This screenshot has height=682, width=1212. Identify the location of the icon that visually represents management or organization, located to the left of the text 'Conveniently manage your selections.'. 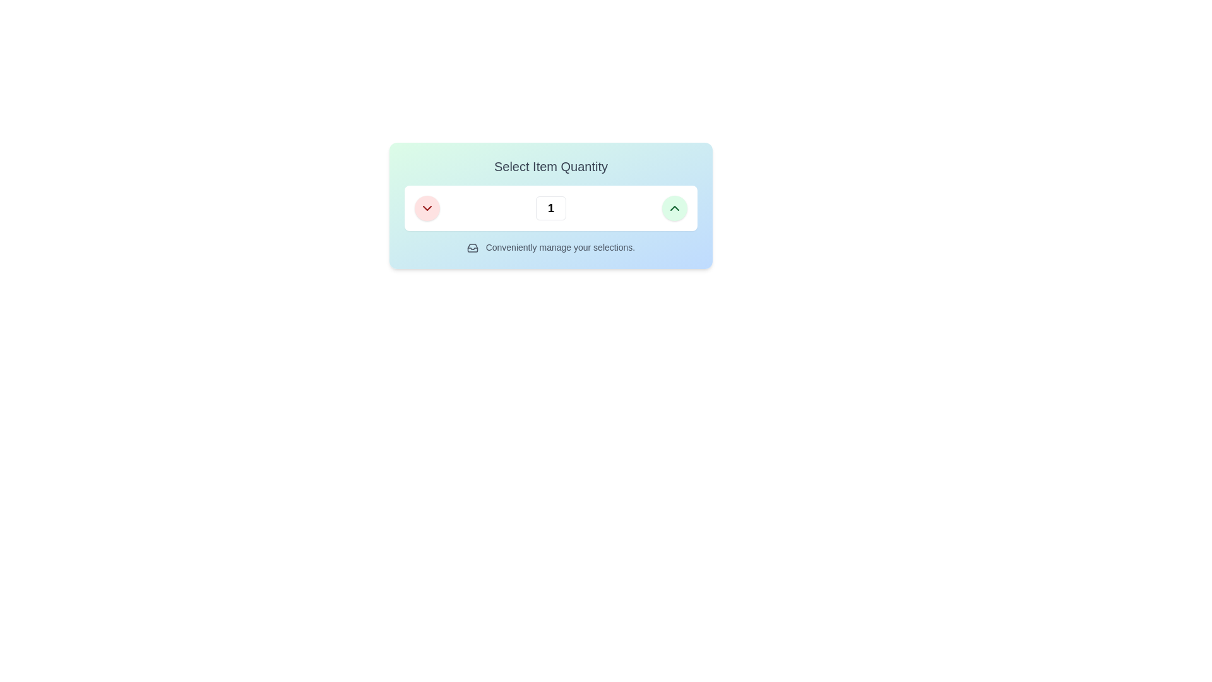
(472, 248).